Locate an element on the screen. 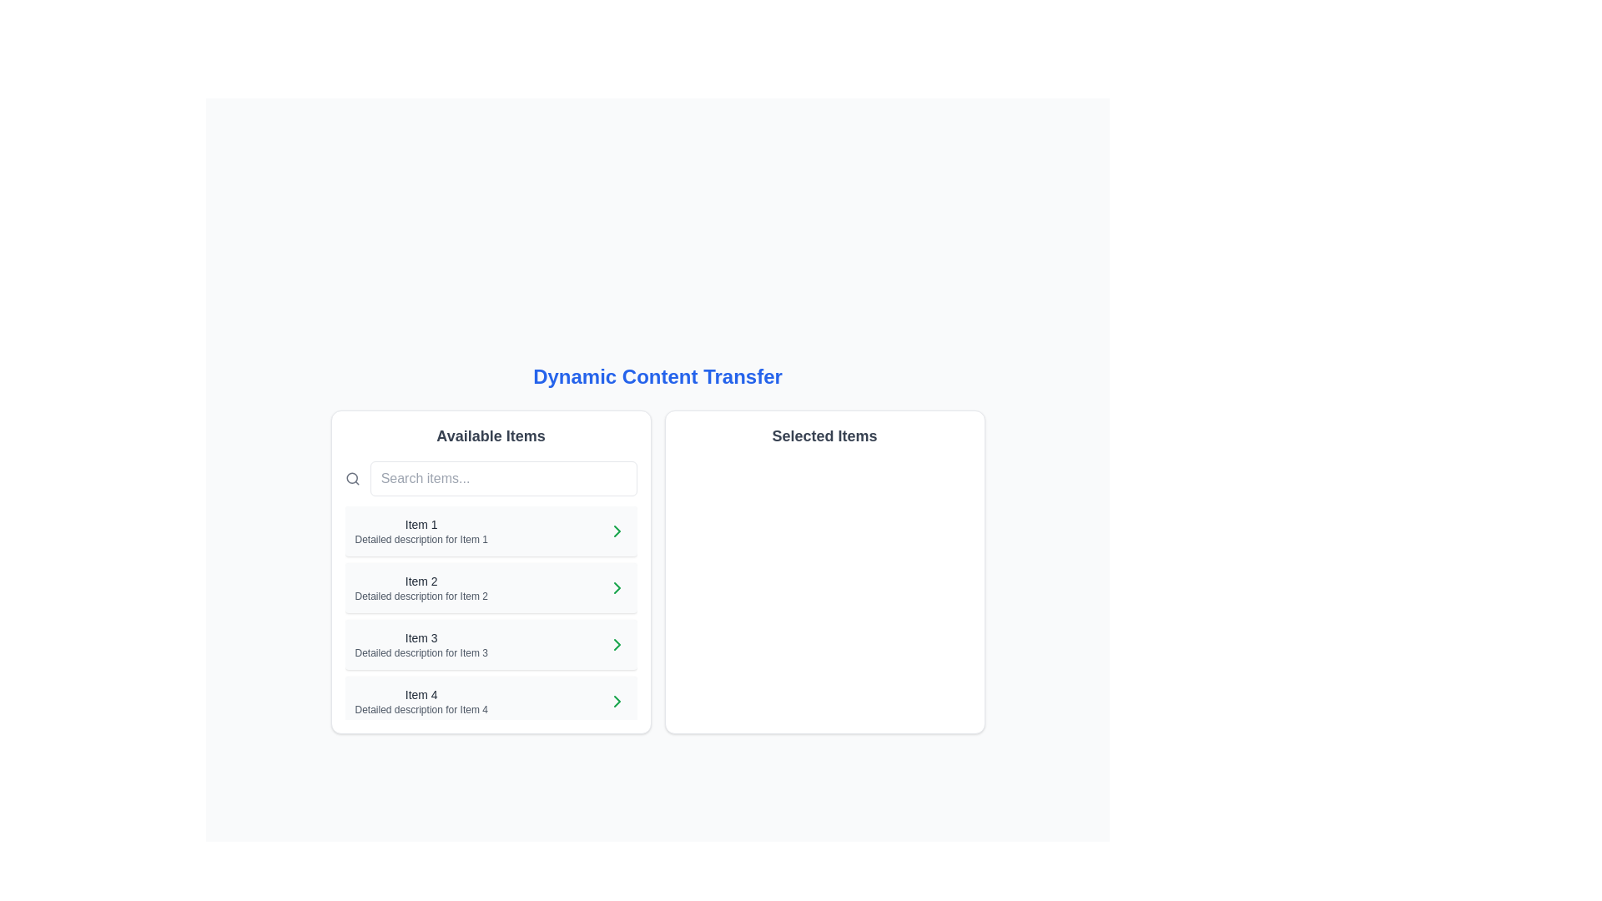 Image resolution: width=1602 pixels, height=901 pixels. displayed information from the Text Display Area located in the 'Available Items' list on the left panel, which is the second item from the top is located at coordinates (421, 587).